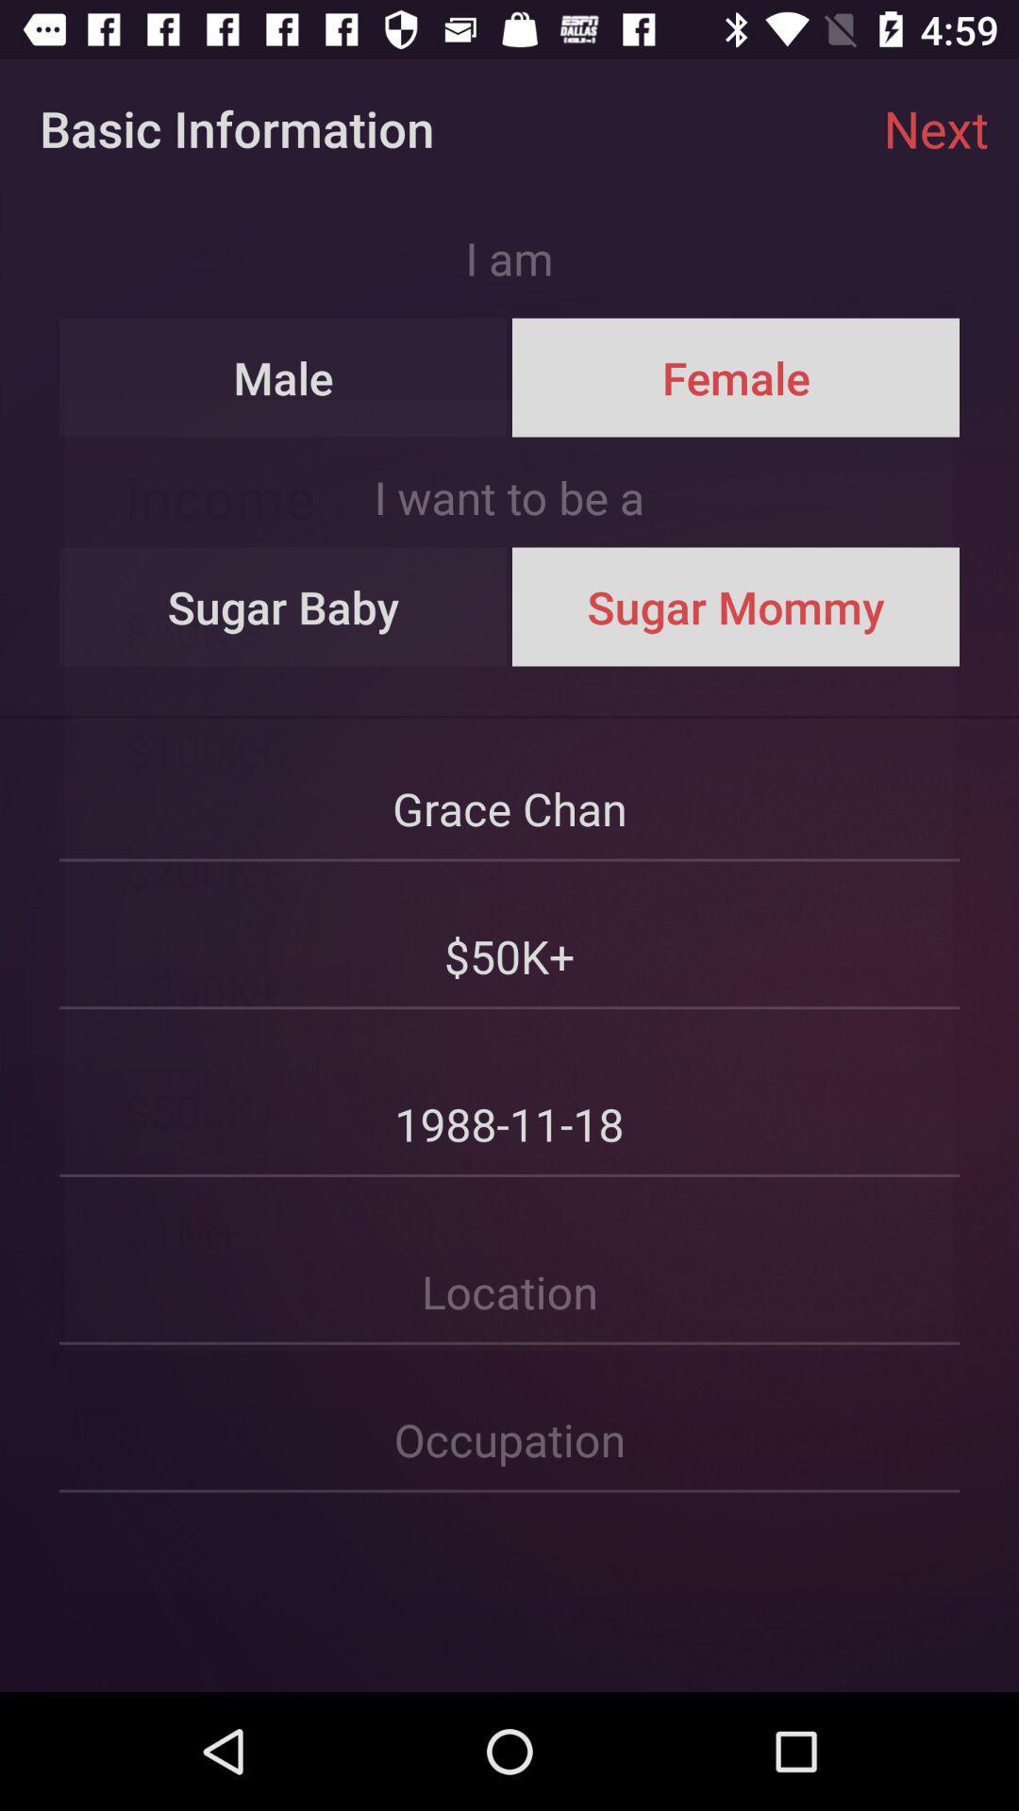 Image resolution: width=1019 pixels, height=1811 pixels. Describe the element at coordinates (734, 377) in the screenshot. I see `icon next to male` at that location.